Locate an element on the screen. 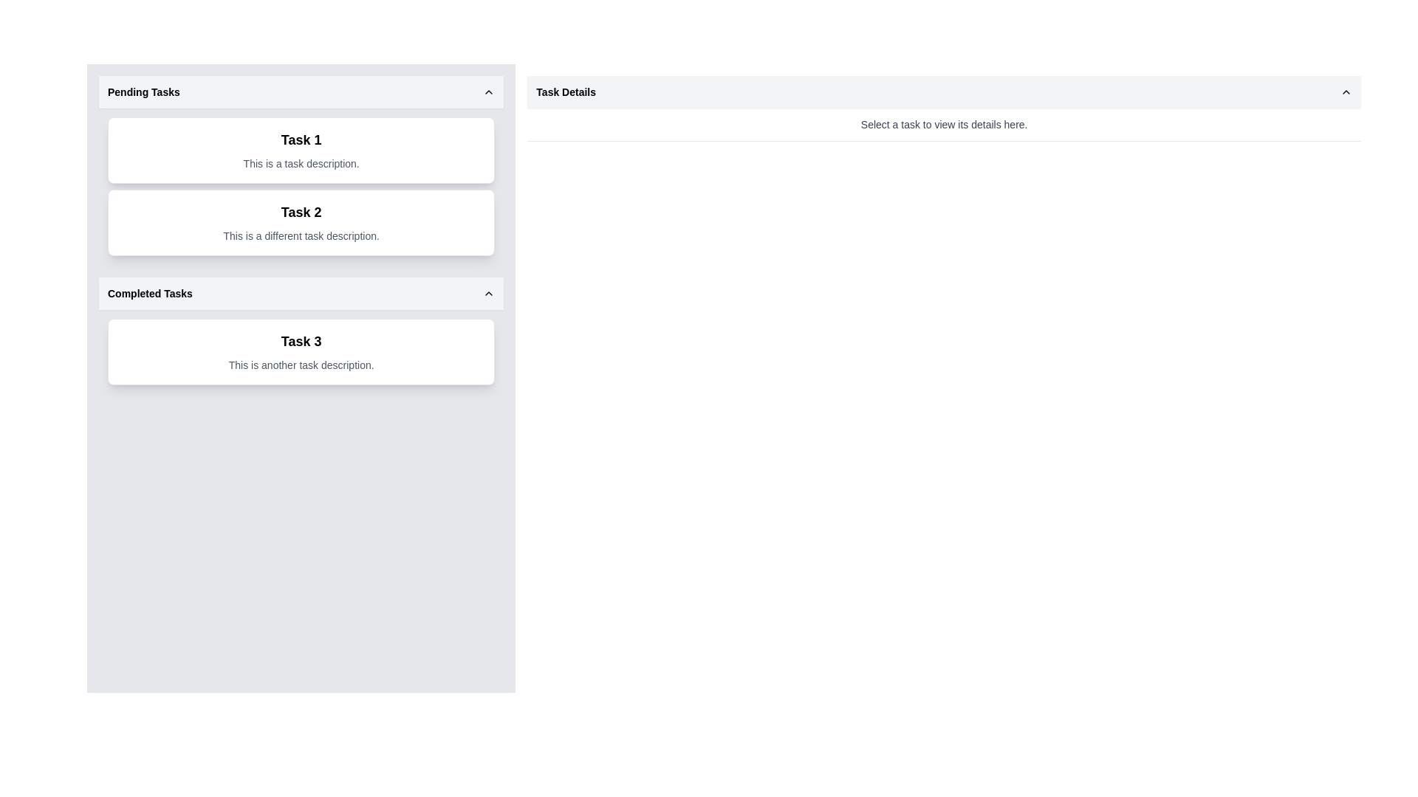 This screenshot has height=797, width=1418. the bold text label displaying 'Task 1' at the top of the task card in the 'Pending Tasks' section is located at coordinates (301, 139).